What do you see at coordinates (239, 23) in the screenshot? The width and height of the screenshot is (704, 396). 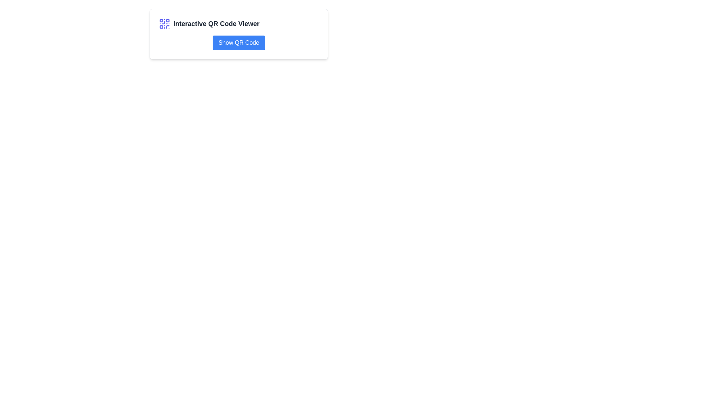 I see `the Text Label with Icon that features a small QR code icon in indigo blue next to the bold black text 'Interactive QR Code Viewer'` at bounding box center [239, 23].